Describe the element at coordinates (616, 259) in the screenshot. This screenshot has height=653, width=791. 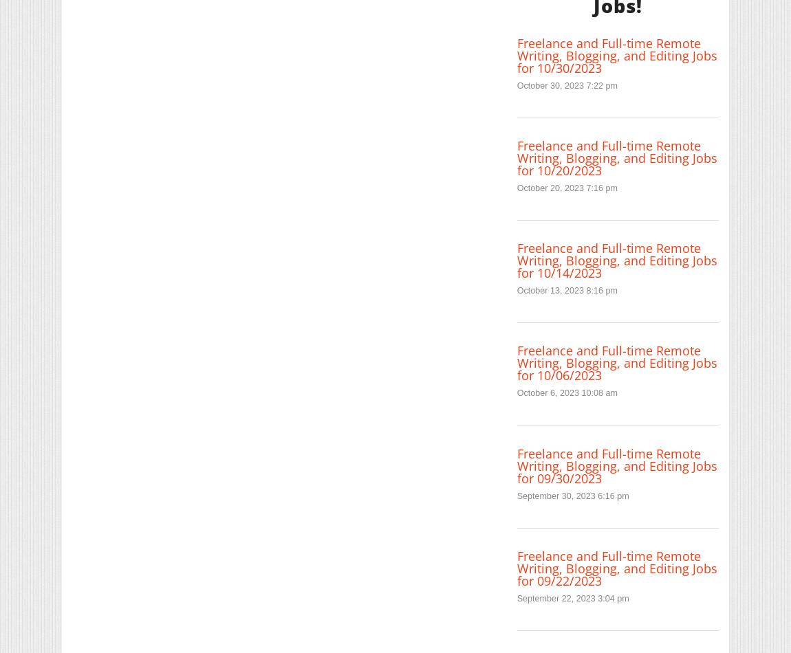
I see `'Freelance and Full-time Remote Writing, Blogging, and Editing Jobs for 10/14/2023'` at that location.